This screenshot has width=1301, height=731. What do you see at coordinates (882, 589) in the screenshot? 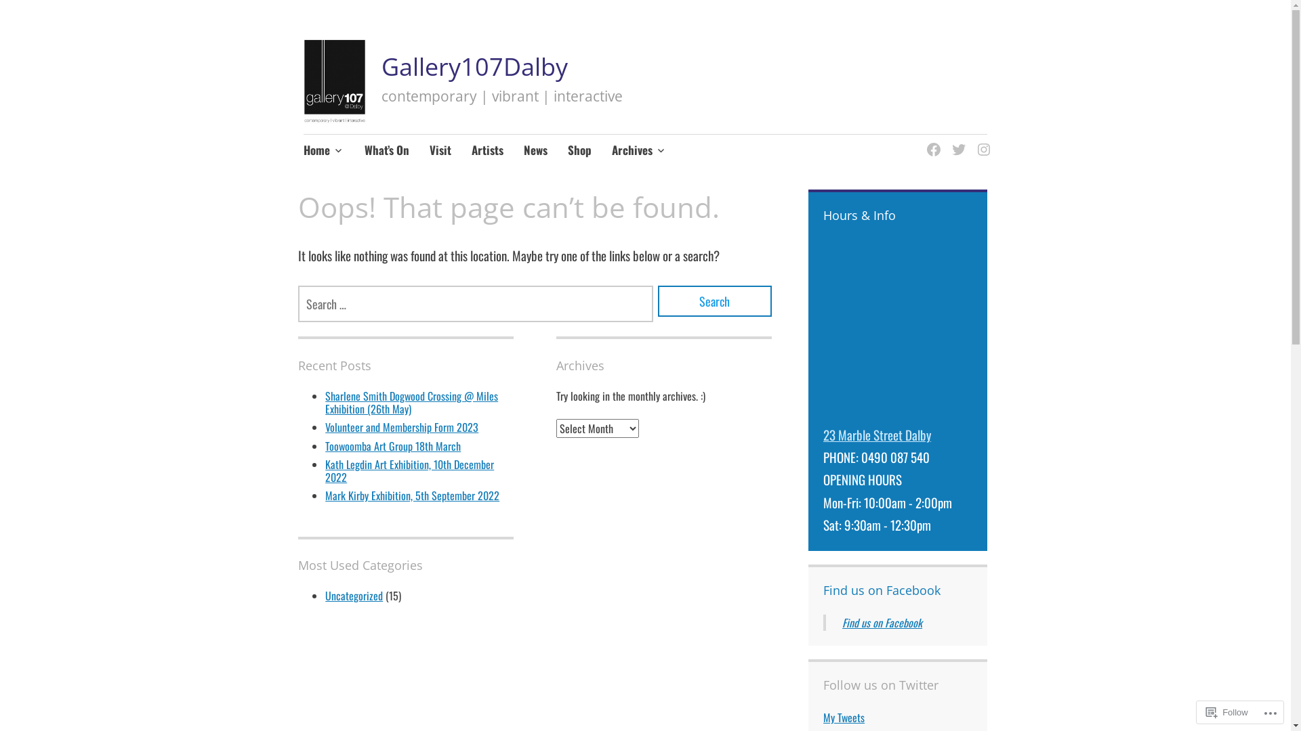
I see `'Find us on Facebook'` at bounding box center [882, 589].